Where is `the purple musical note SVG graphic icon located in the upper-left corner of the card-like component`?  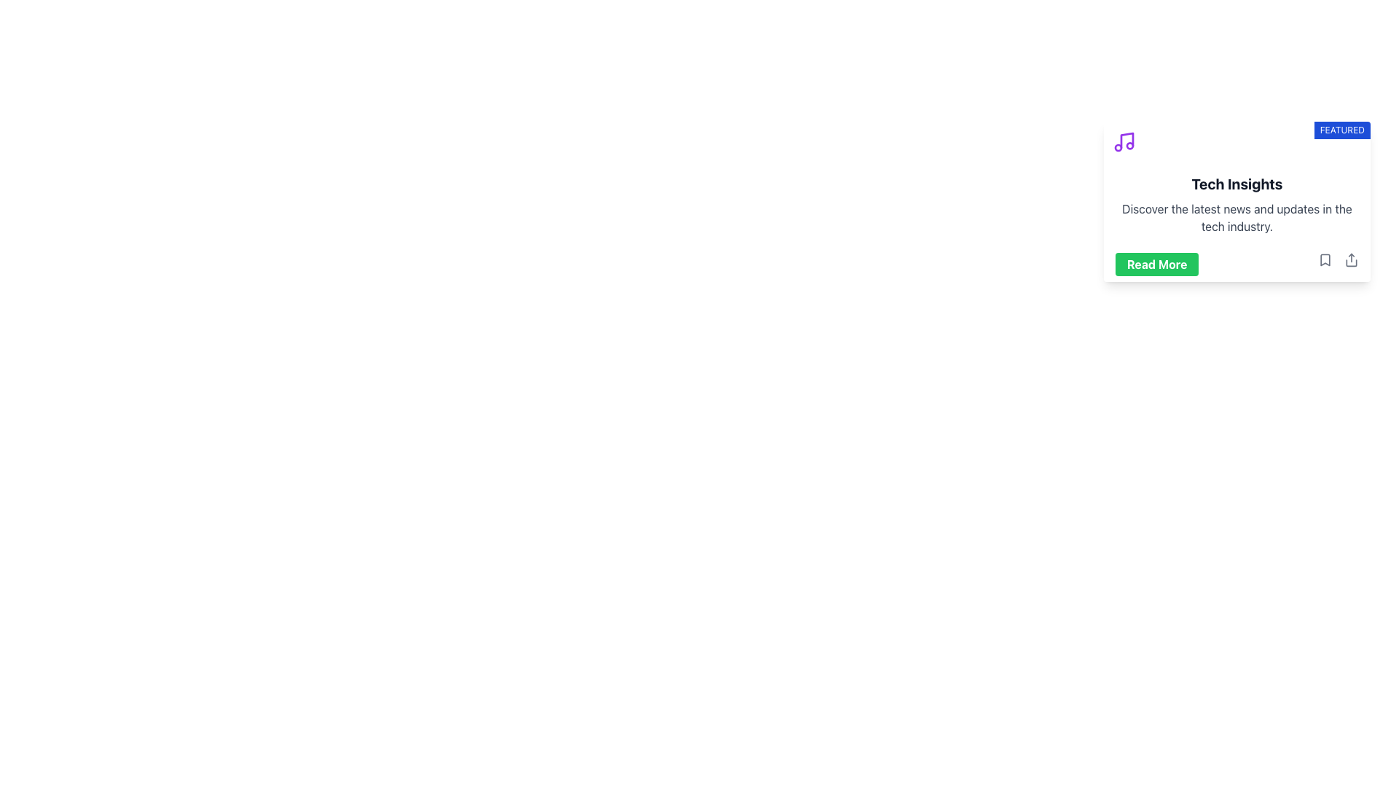 the purple musical note SVG graphic icon located in the upper-left corner of the card-like component is located at coordinates (1123, 142).